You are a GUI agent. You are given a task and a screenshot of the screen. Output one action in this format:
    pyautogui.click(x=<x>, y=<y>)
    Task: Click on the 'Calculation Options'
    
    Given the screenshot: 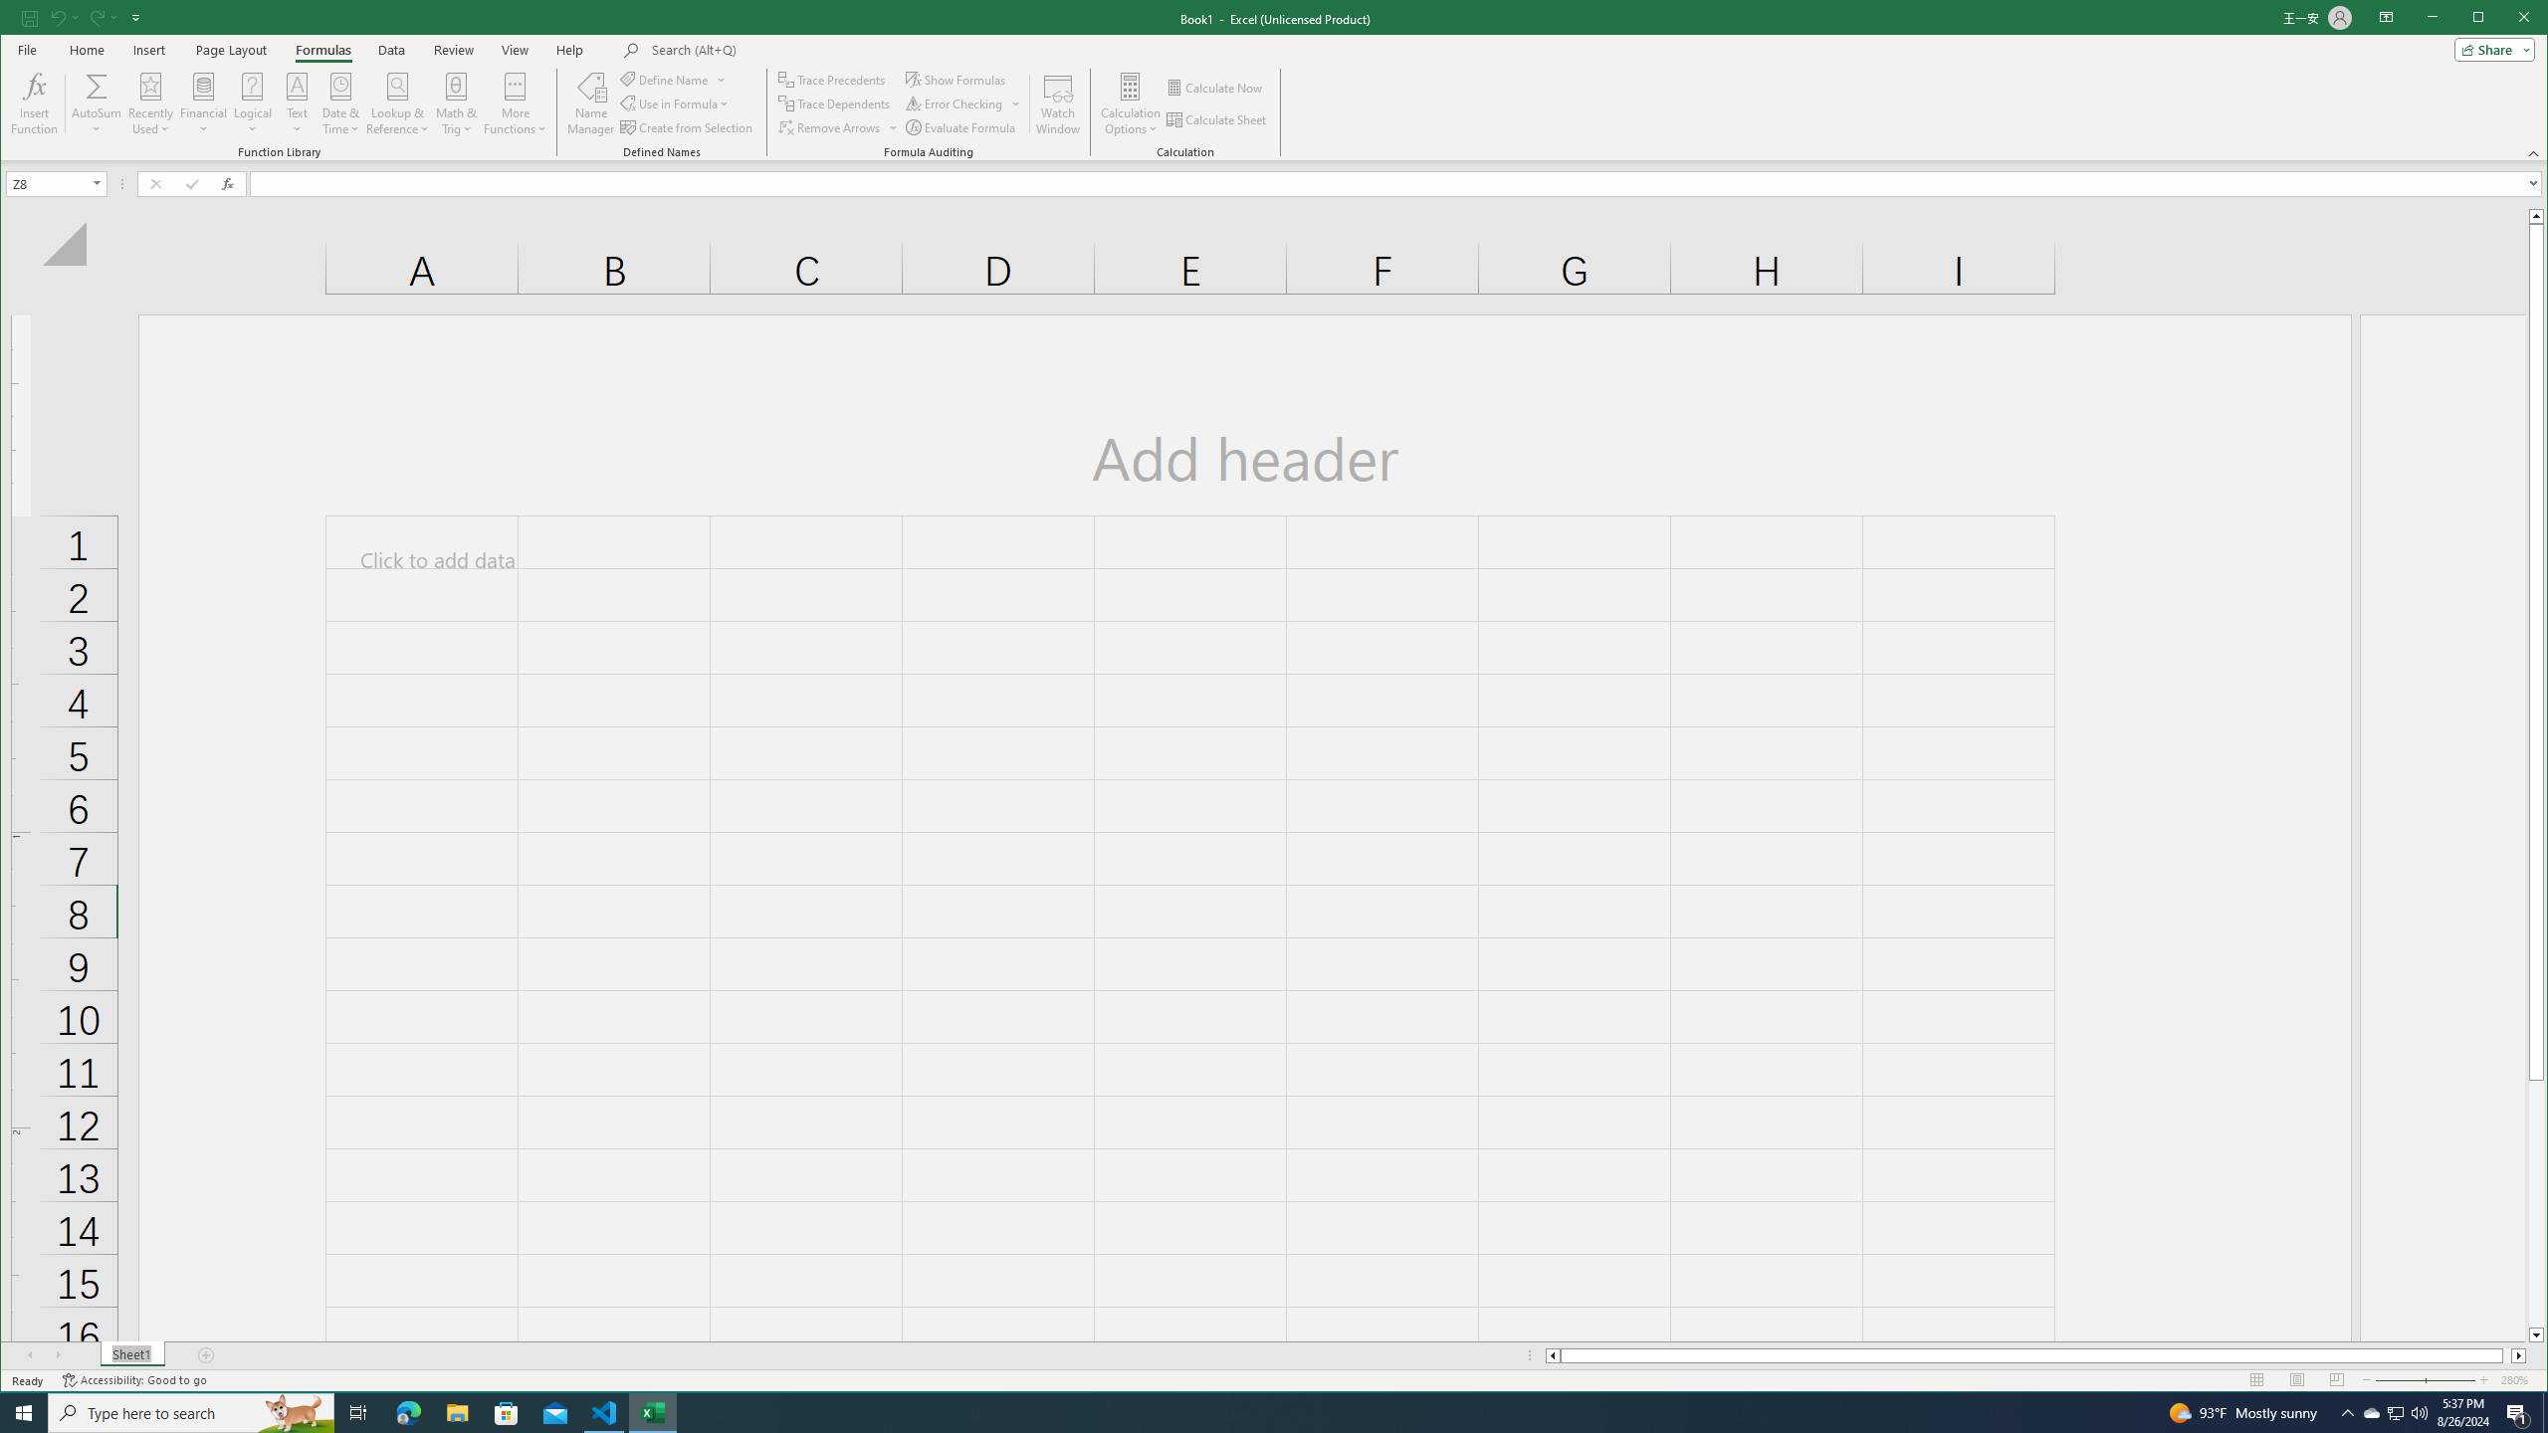 What is the action you would take?
    pyautogui.click(x=1131, y=102)
    